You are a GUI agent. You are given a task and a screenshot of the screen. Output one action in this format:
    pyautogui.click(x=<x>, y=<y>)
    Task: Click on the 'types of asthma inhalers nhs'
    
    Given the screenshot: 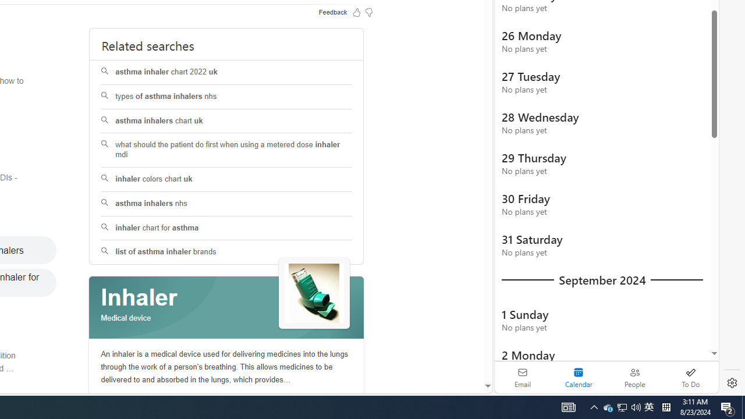 What is the action you would take?
    pyautogui.click(x=226, y=96)
    